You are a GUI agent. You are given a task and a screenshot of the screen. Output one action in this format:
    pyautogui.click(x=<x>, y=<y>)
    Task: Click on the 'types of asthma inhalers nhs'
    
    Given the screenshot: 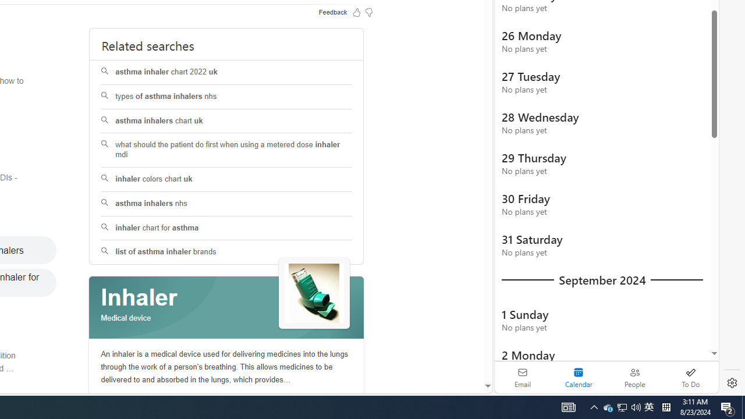 What is the action you would take?
    pyautogui.click(x=226, y=96)
    